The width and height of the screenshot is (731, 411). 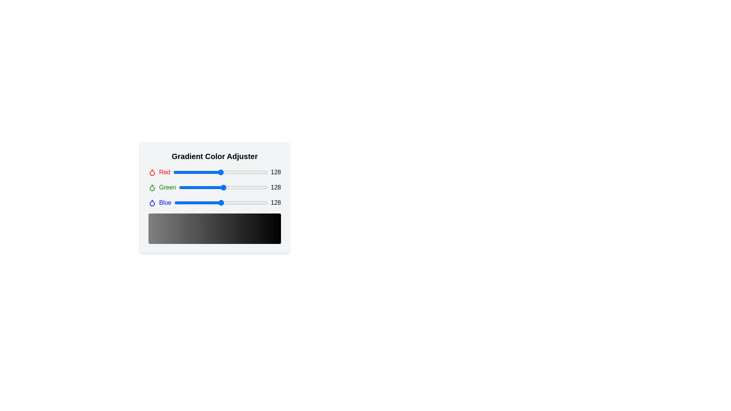 What do you see at coordinates (227, 188) in the screenshot?
I see `the green slider to 138` at bounding box center [227, 188].